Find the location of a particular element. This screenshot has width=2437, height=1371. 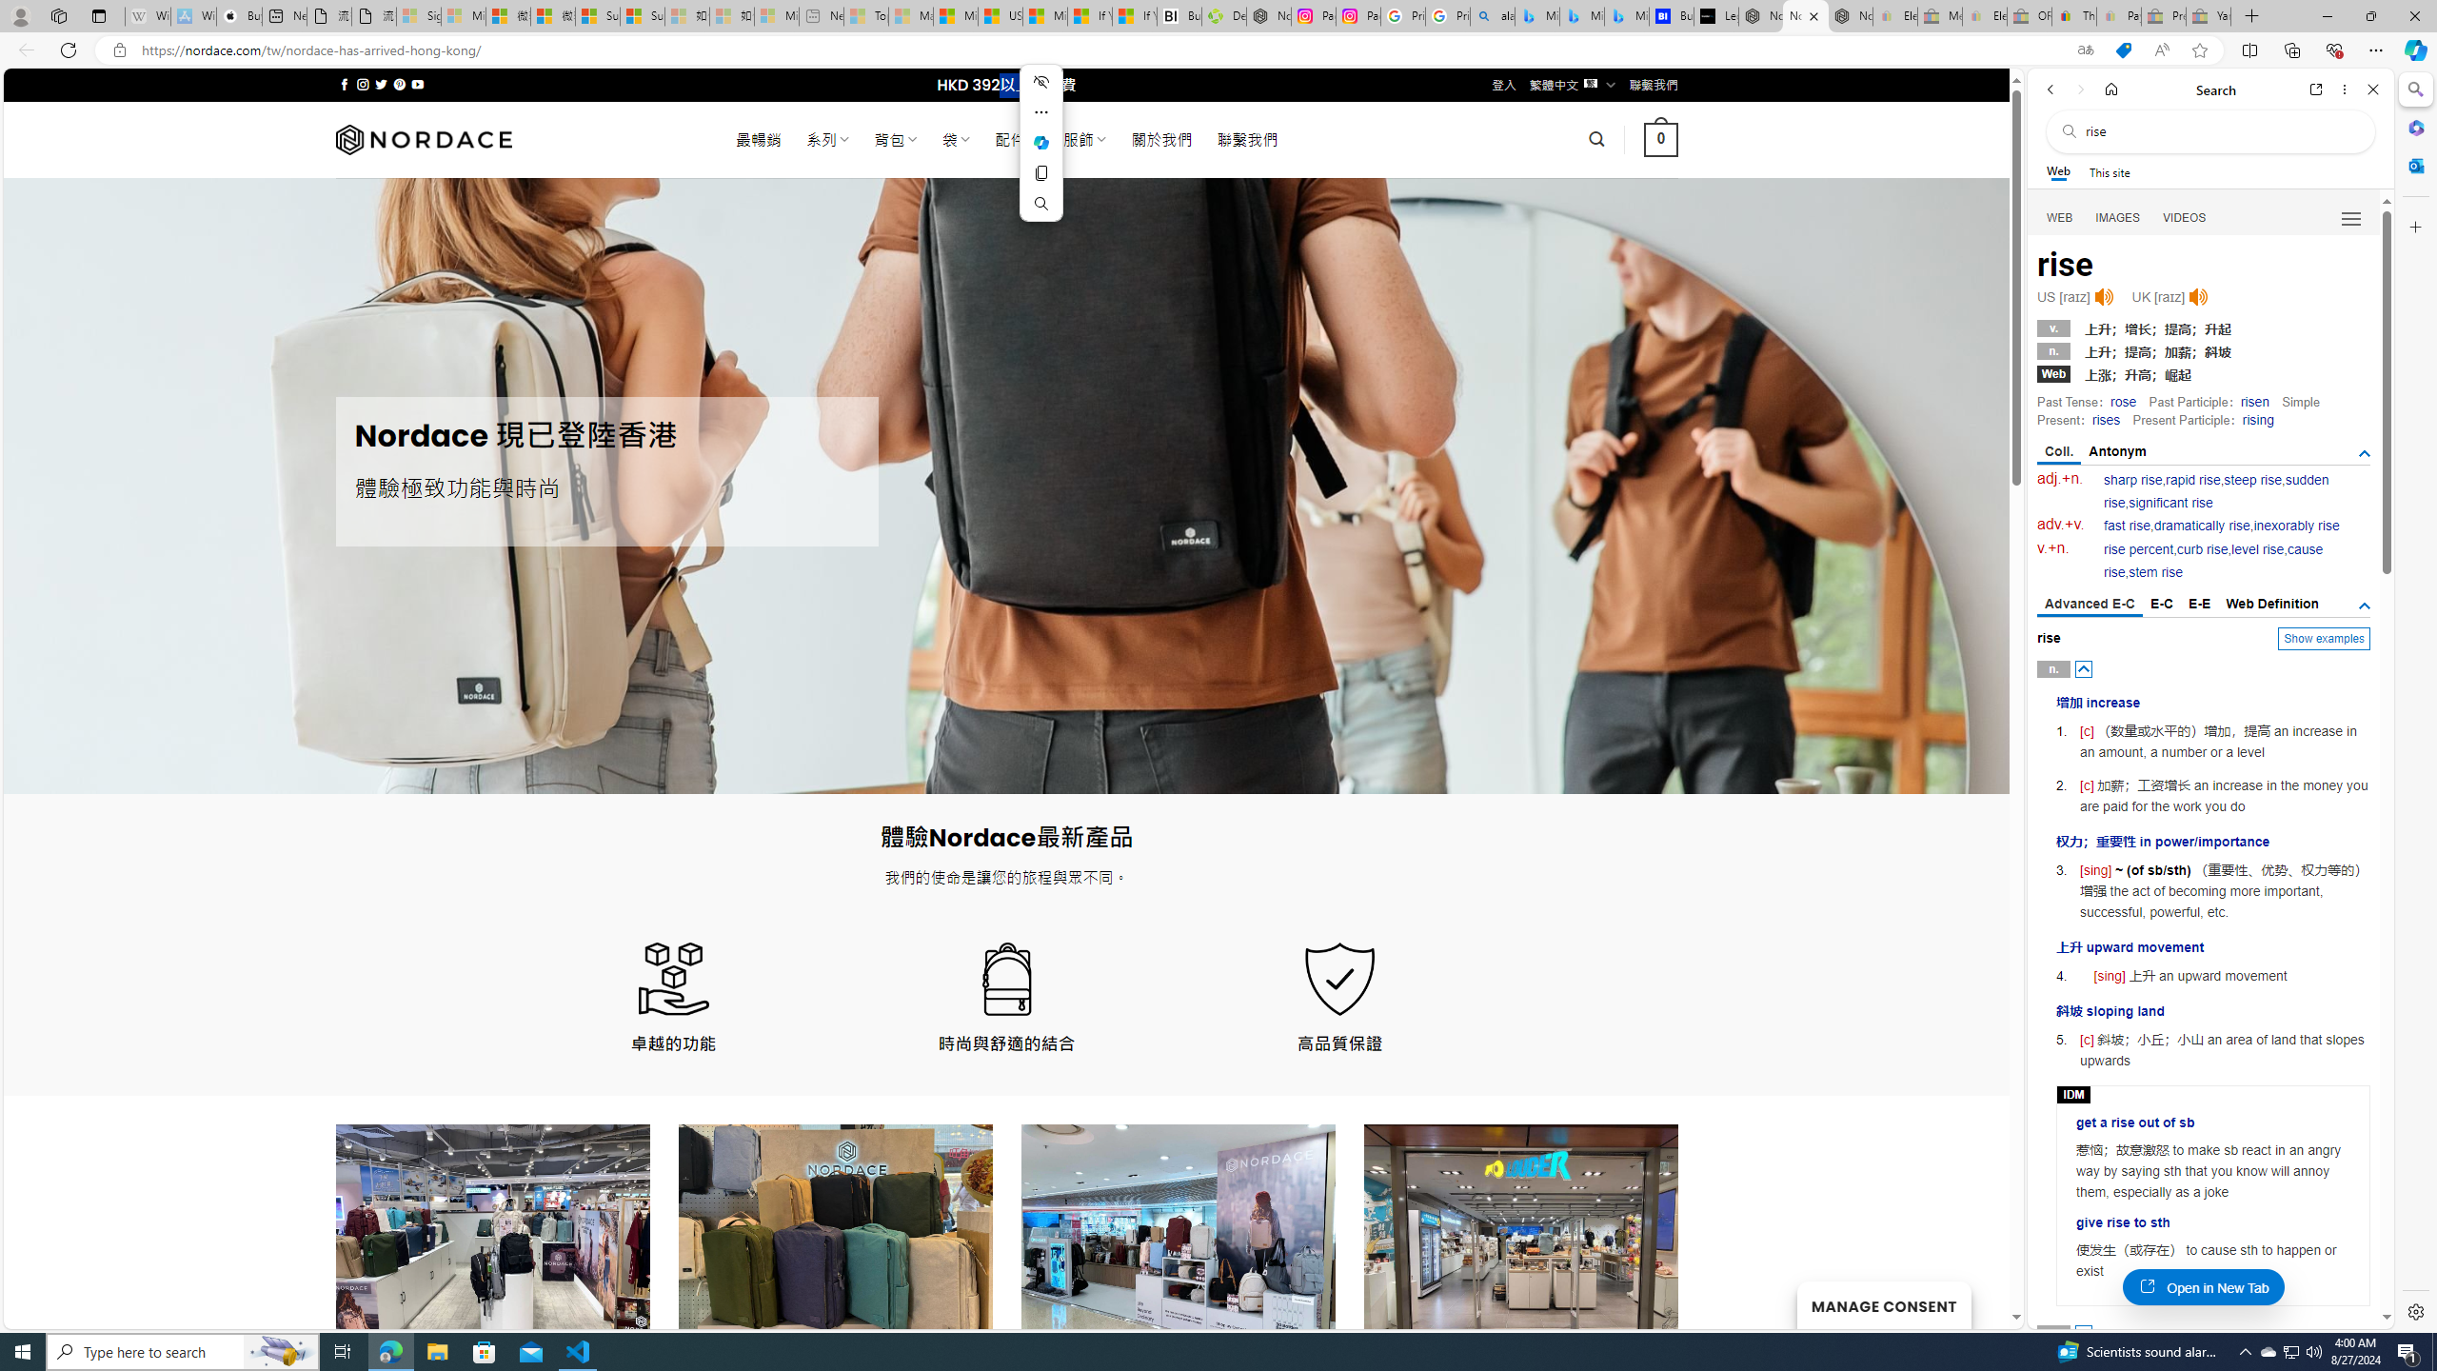

'sharp rise' is located at coordinates (2133, 479).